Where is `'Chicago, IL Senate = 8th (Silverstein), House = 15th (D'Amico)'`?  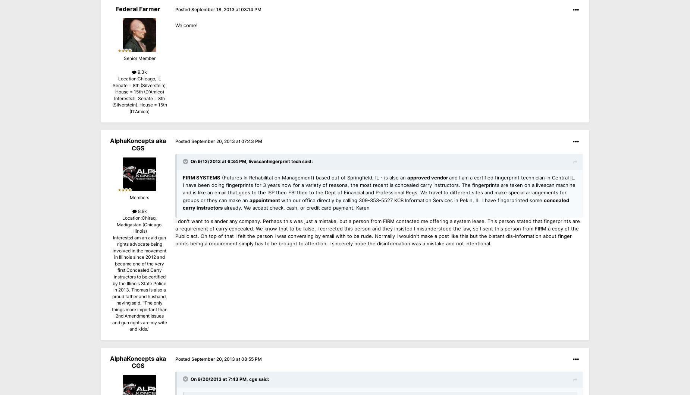
'Chicago, IL Senate = 8th (Silverstein), House = 15th (D'Amico)' is located at coordinates (112, 85).